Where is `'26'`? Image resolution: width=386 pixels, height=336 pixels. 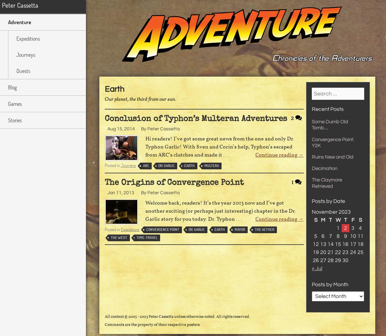
'26' is located at coordinates (312, 260).